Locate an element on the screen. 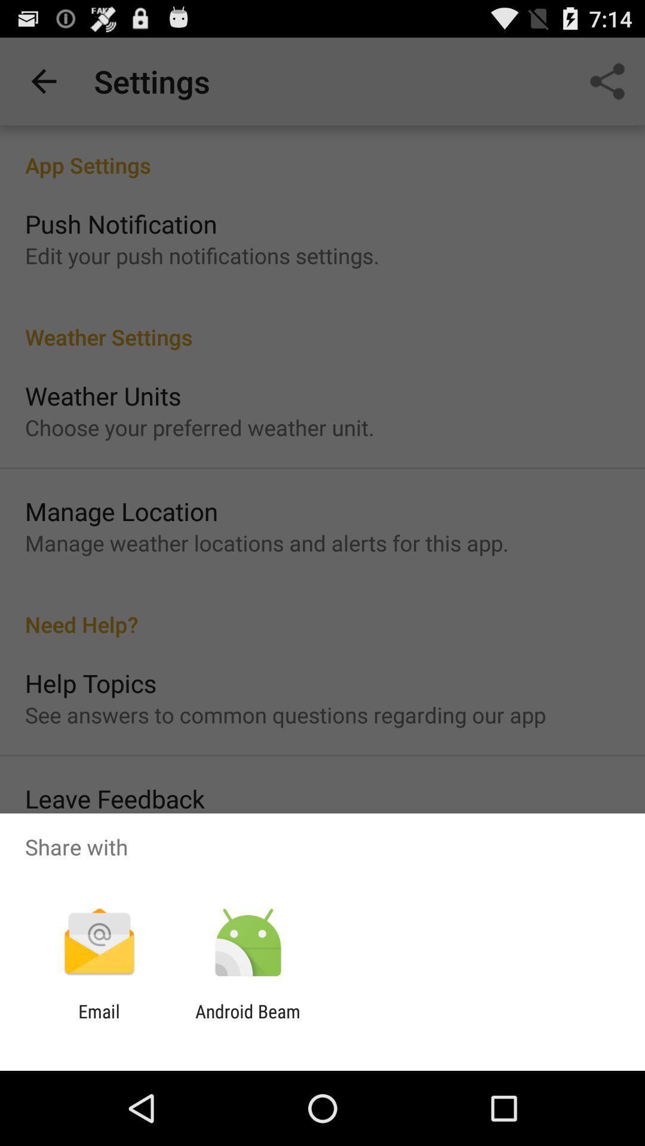 This screenshot has height=1146, width=645. the item next to the email is located at coordinates (247, 1021).